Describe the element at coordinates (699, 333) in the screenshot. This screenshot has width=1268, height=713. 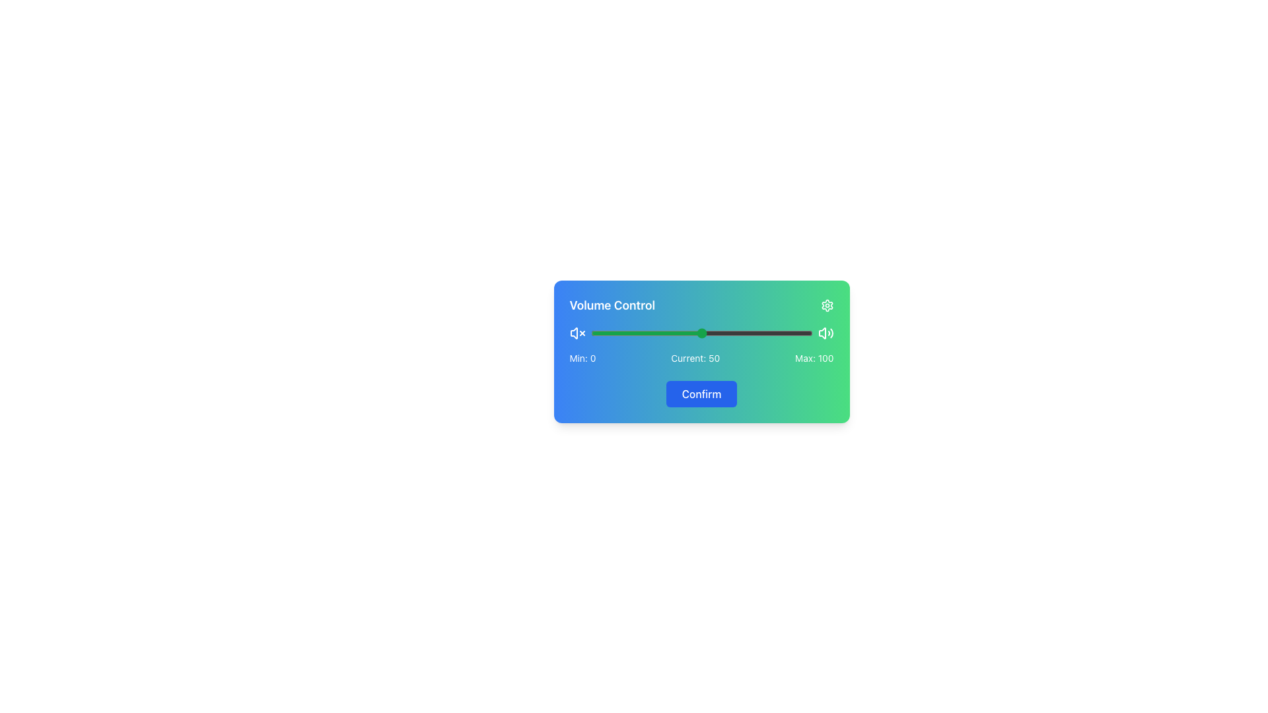
I see `the volume` at that location.